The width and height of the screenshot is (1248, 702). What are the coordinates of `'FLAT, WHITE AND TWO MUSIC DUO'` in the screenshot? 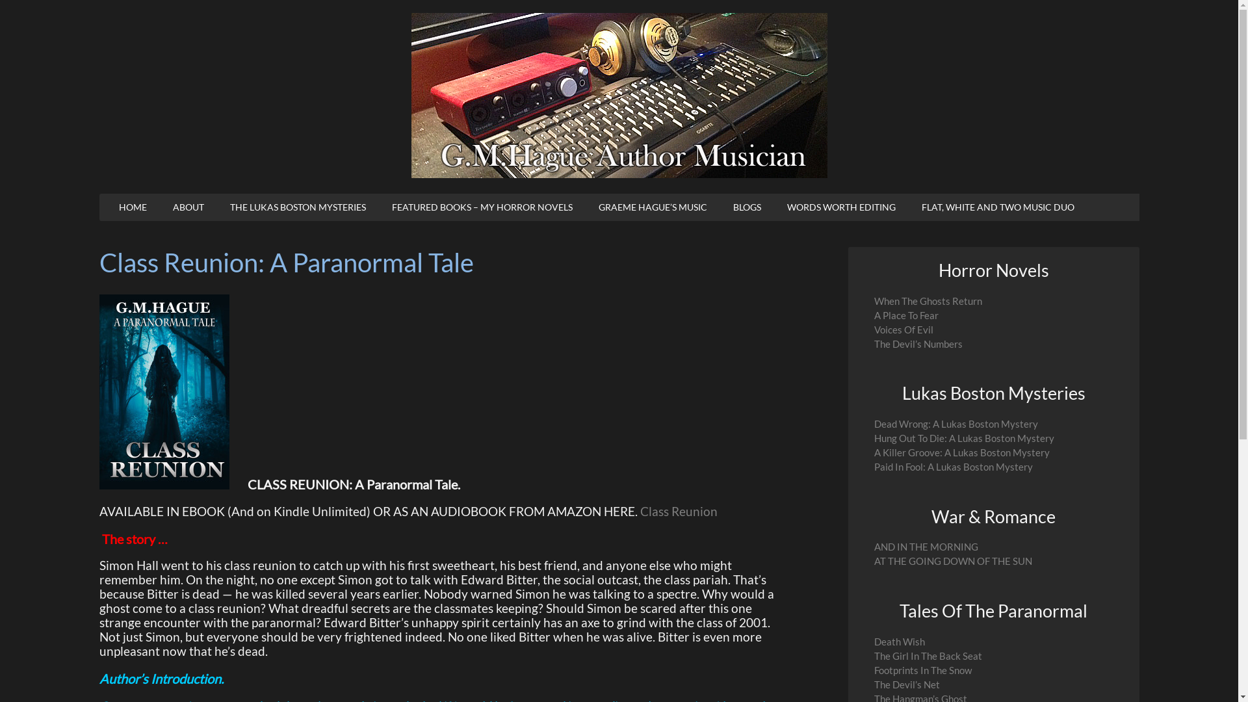 It's located at (907, 207).